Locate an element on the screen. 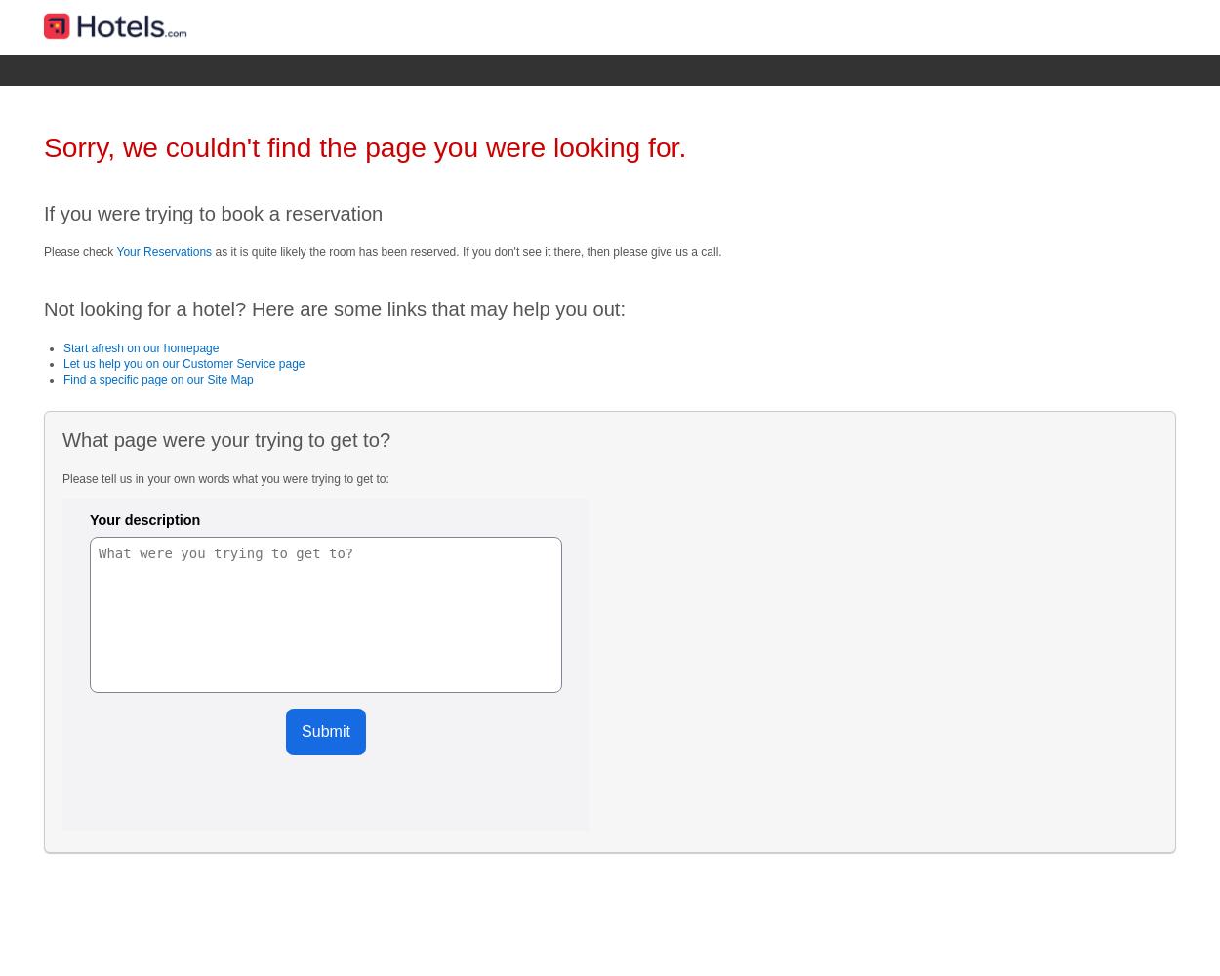 This screenshot has height=976, width=1220. 'What page were your trying to get to?' is located at coordinates (224, 439).